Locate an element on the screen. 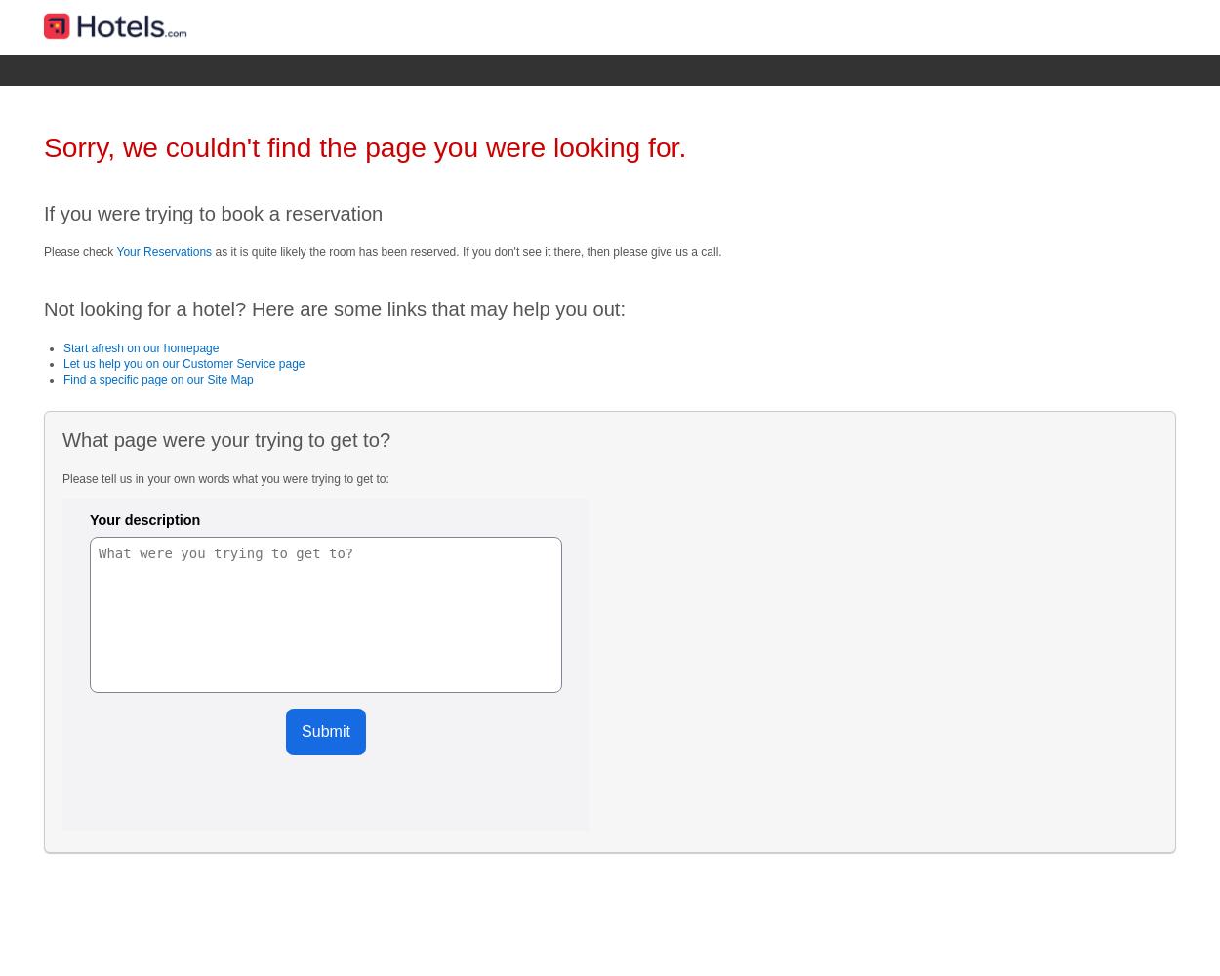 This screenshot has height=976, width=1220. 'What page were your trying to get to?' is located at coordinates (224, 439).